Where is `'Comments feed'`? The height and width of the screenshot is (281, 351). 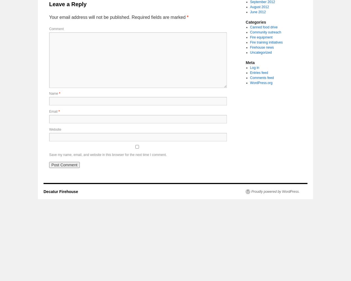
'Comments feed' is located at coordinates (262, 78).